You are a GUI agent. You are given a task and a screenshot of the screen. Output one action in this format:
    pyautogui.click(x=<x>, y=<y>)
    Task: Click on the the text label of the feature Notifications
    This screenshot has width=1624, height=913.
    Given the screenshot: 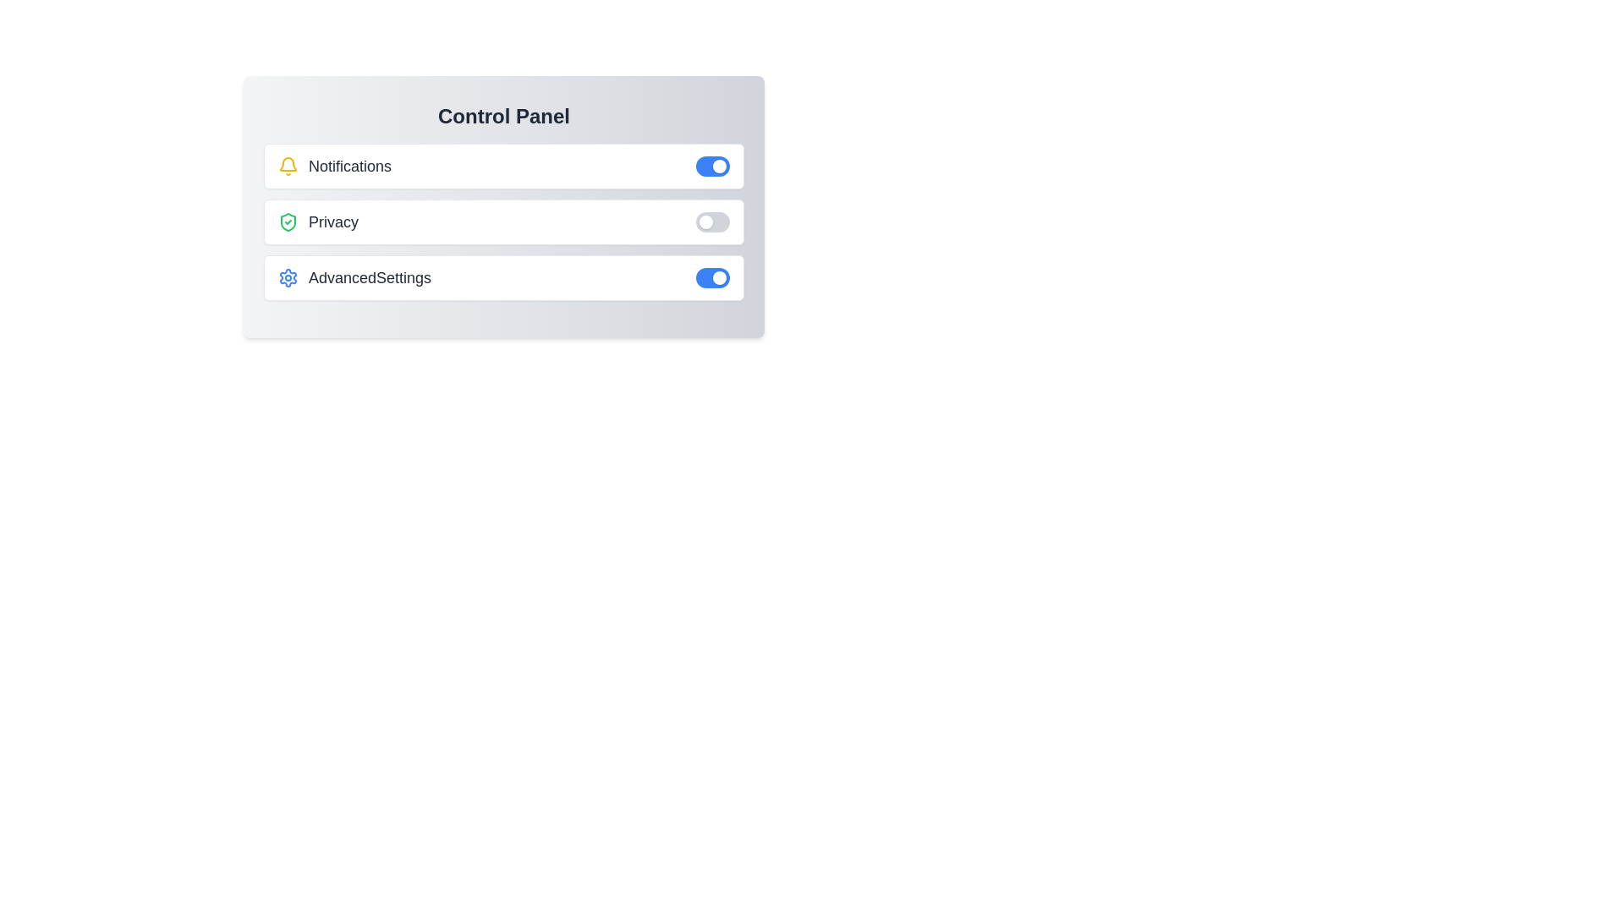 What is the action you would take?
    pyautogui.click(x=334, y=166)
    